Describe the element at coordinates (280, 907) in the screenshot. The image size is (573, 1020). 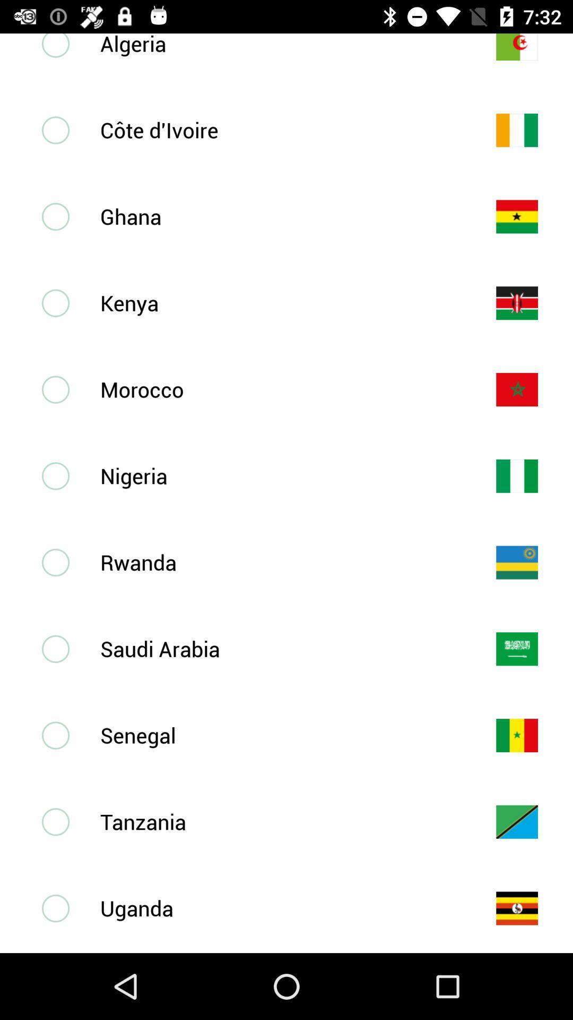
I see `uganda icon` at that location.